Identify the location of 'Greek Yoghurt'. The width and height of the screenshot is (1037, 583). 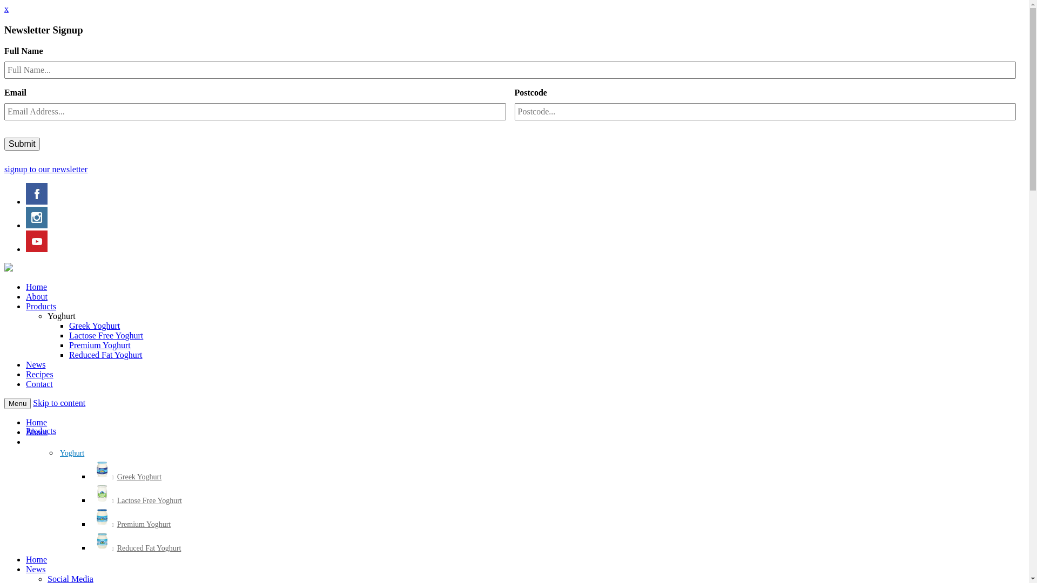
(127, 477).